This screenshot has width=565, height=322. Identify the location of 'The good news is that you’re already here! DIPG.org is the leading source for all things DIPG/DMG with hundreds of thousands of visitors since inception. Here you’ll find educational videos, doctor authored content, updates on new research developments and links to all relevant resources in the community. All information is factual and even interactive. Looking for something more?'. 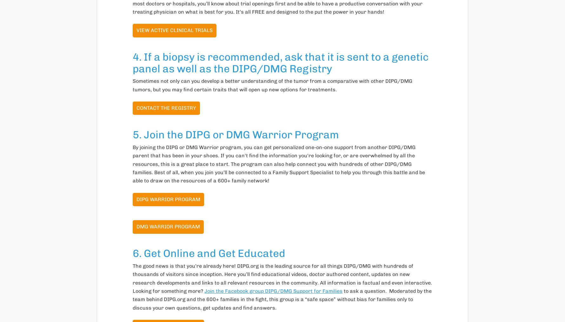
(282, 278).